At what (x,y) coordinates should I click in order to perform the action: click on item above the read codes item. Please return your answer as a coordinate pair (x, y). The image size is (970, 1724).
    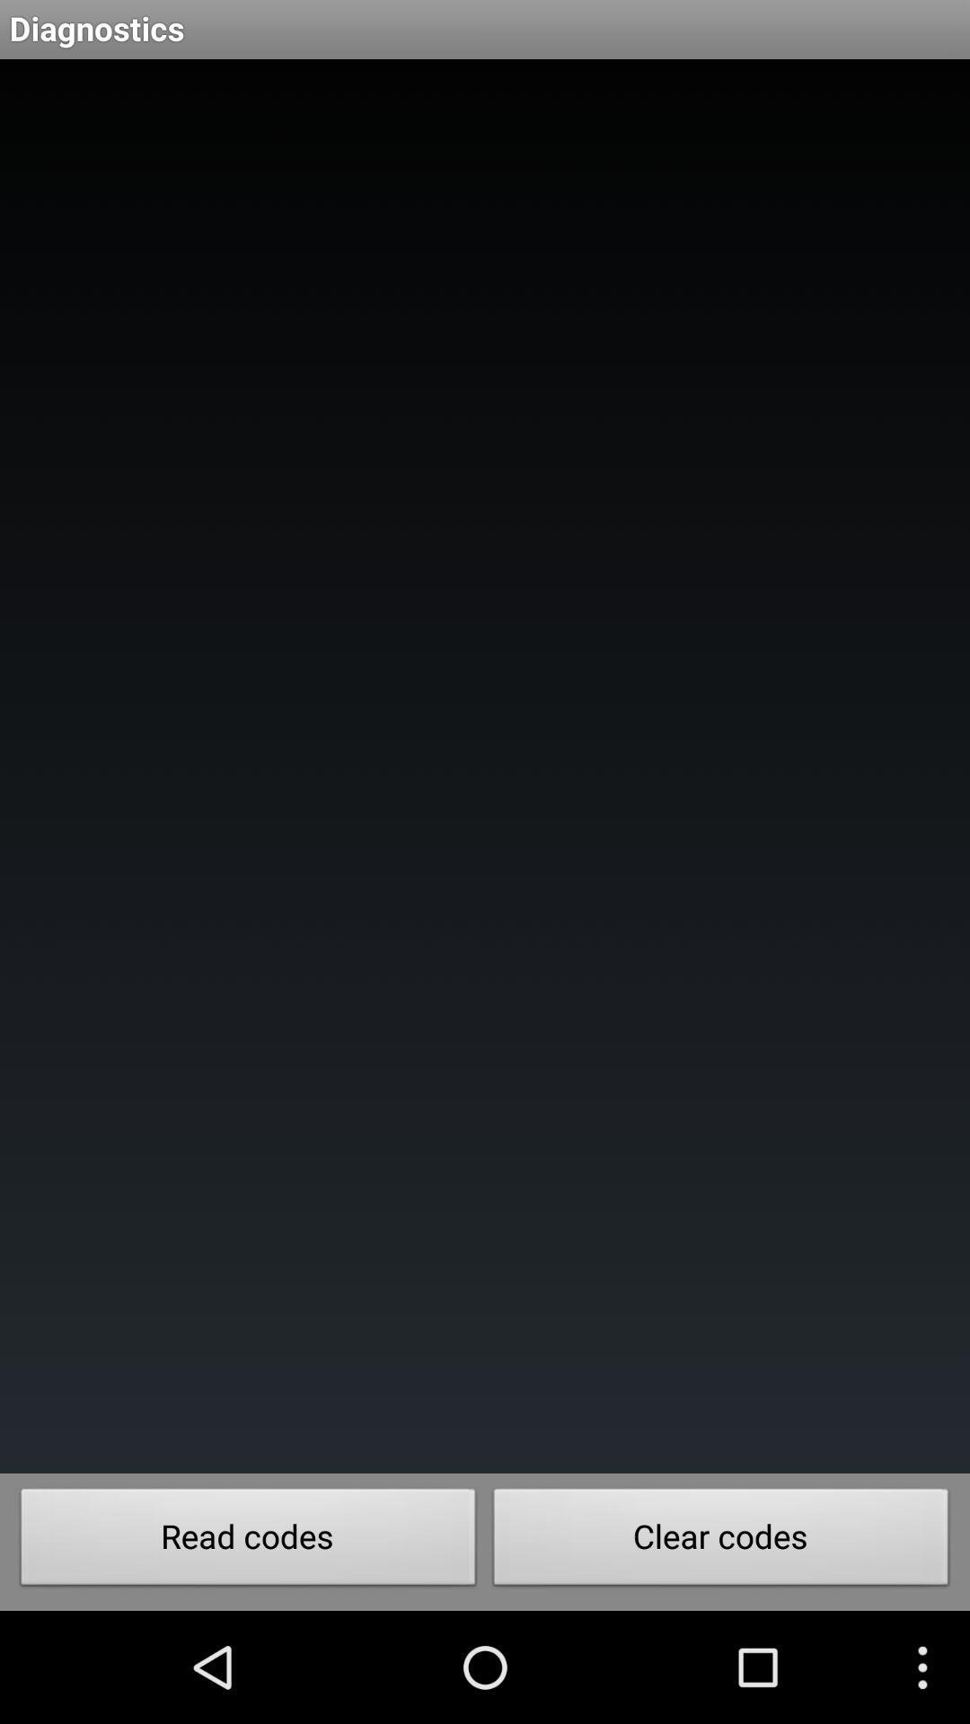
    Looking at the image, I should click on (485, 766).